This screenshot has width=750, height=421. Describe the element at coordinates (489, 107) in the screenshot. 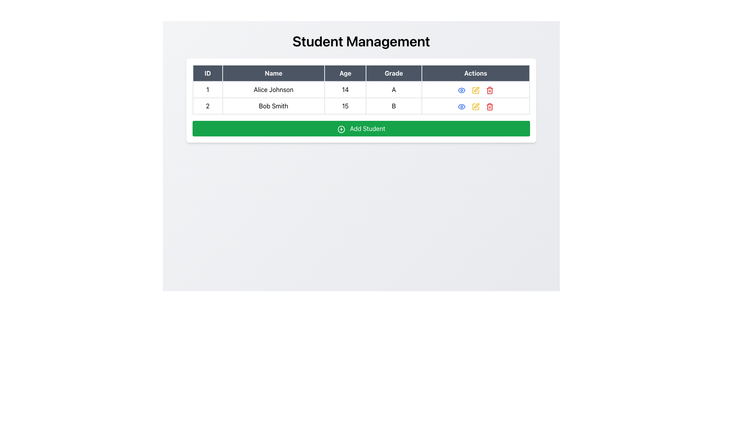

I see `the trash can icon button located in the second row under the 'Actions' column` at that location.